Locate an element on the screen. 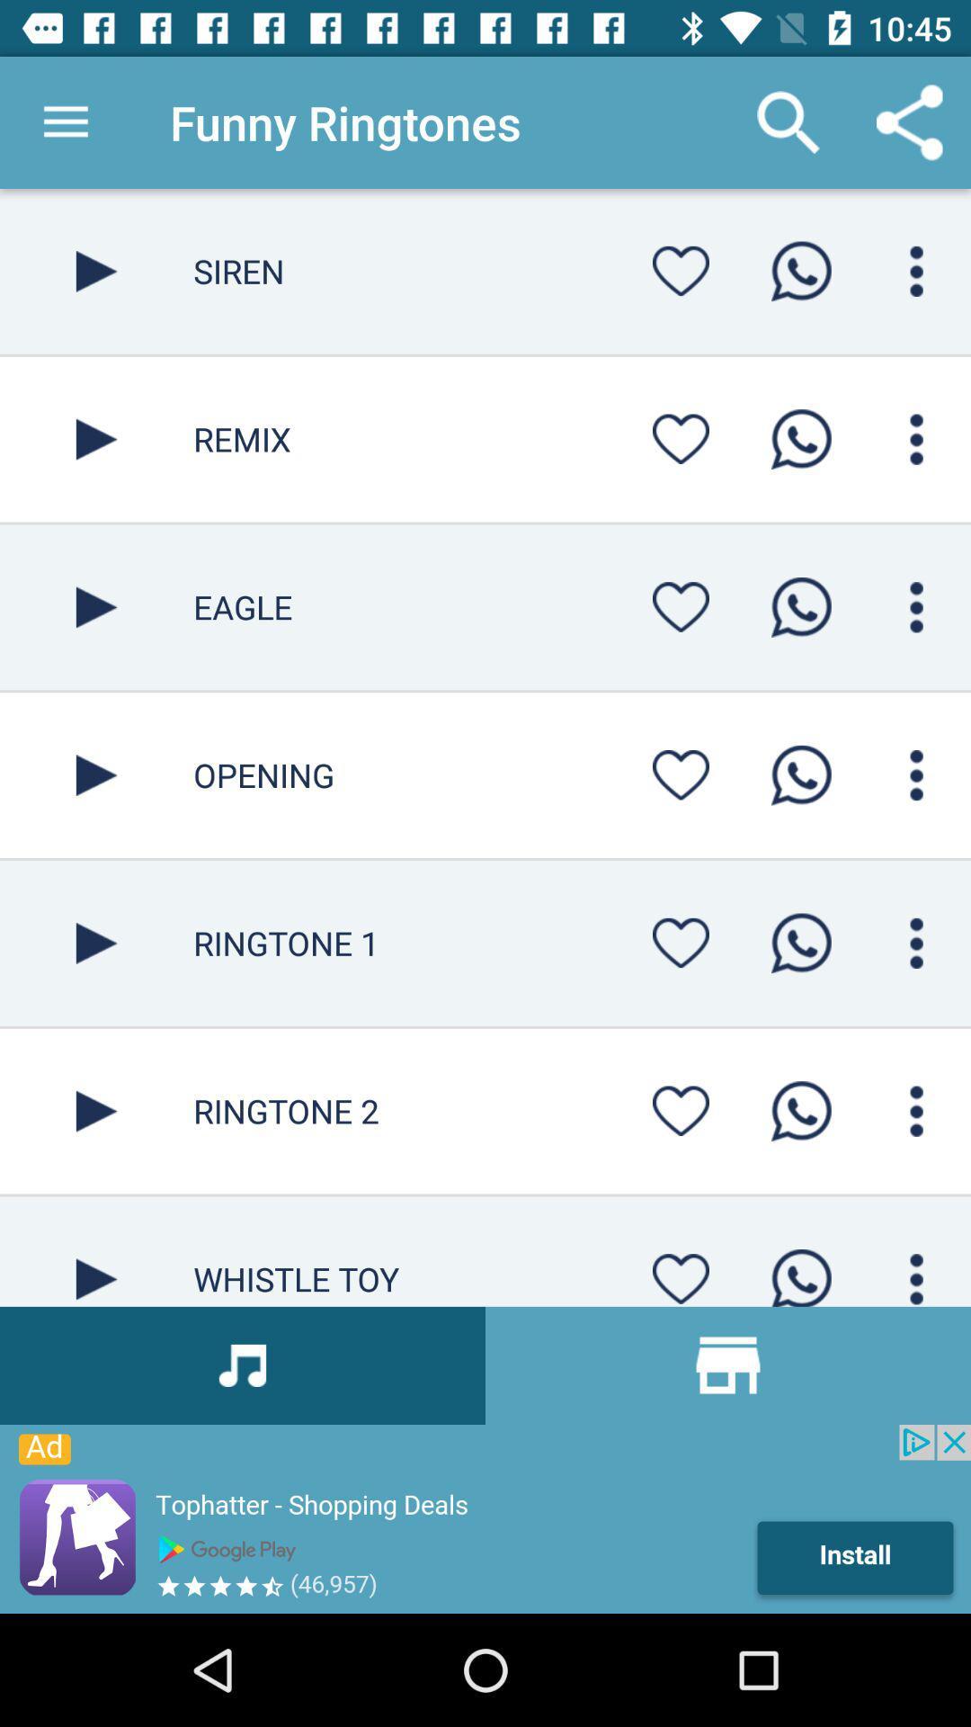 The height and width of the screenshot is (1727, 971). music play the option is located at coordinates (96, 1110).